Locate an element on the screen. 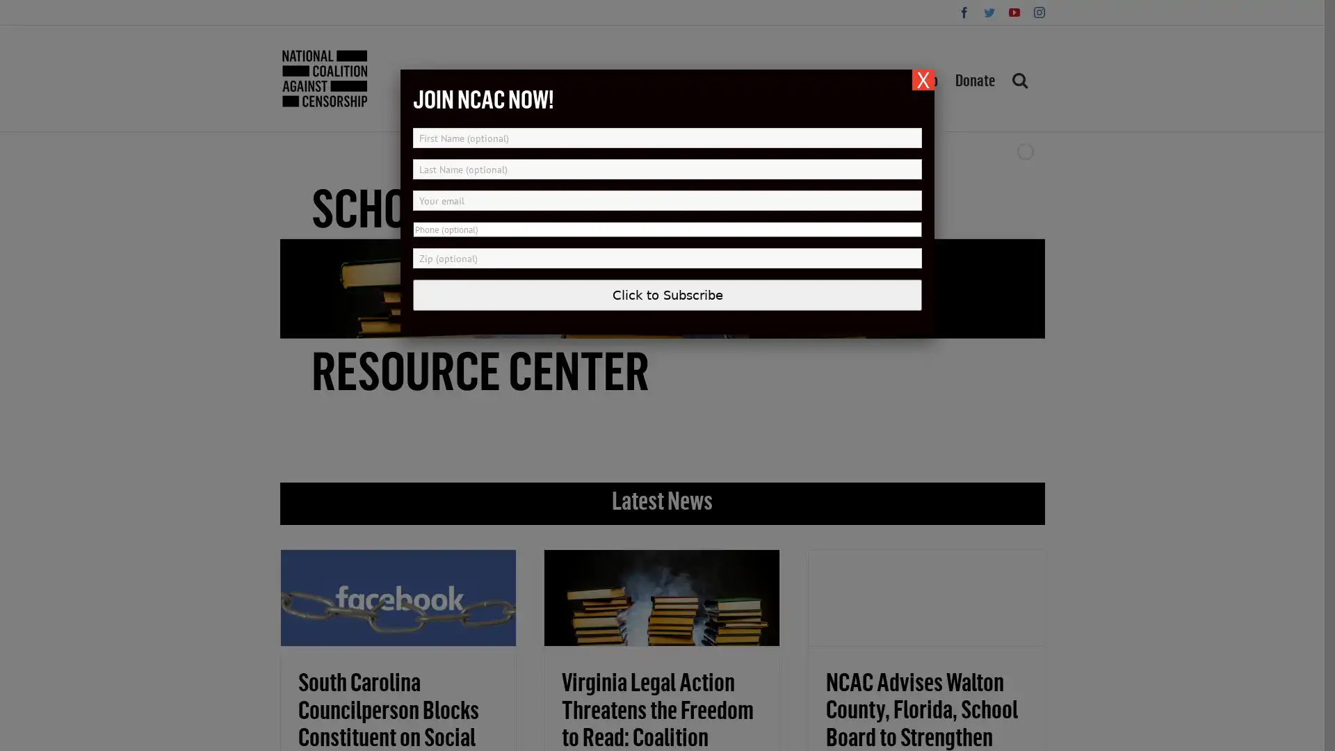 This screenshot has width=1335, height=751. Click to Subscribe is located at coordinates (667, 294).